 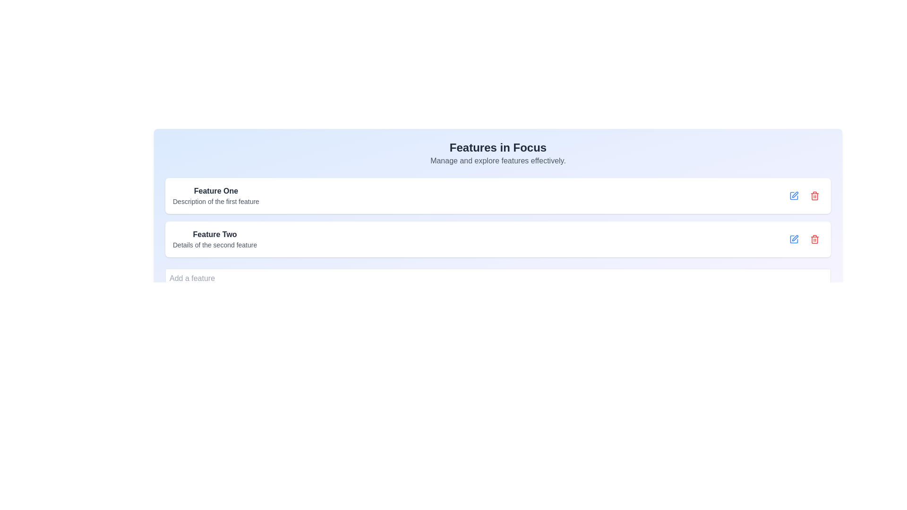 I want to click on the horizontal action button group containing the blue edit icon and the red delete icon located at the right end of the row labeled 'Feature Two', so click(x=804, y=238).